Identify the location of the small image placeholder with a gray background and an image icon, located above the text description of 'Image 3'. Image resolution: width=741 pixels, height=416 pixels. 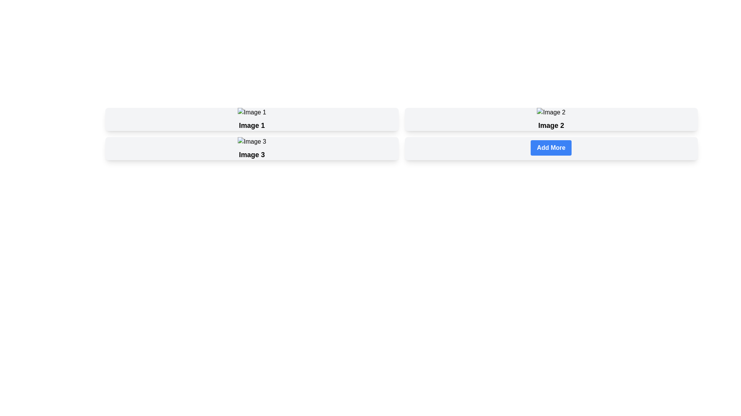
(252, 141).